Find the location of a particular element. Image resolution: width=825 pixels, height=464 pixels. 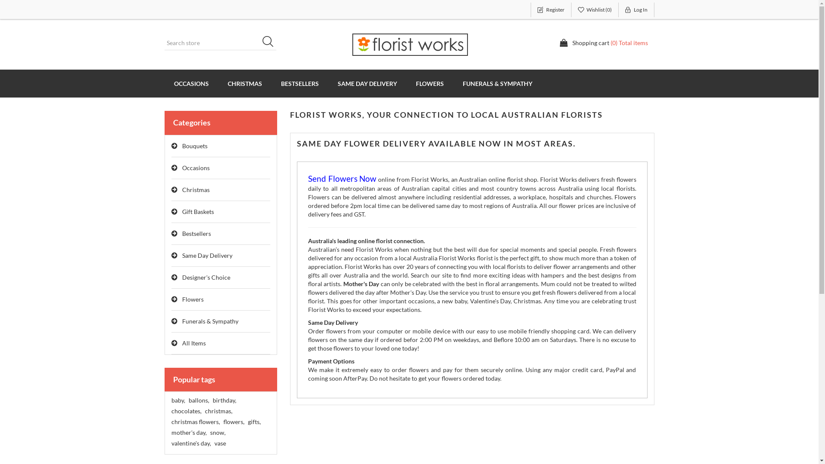

'vase' is located at coordinates (214, 443).